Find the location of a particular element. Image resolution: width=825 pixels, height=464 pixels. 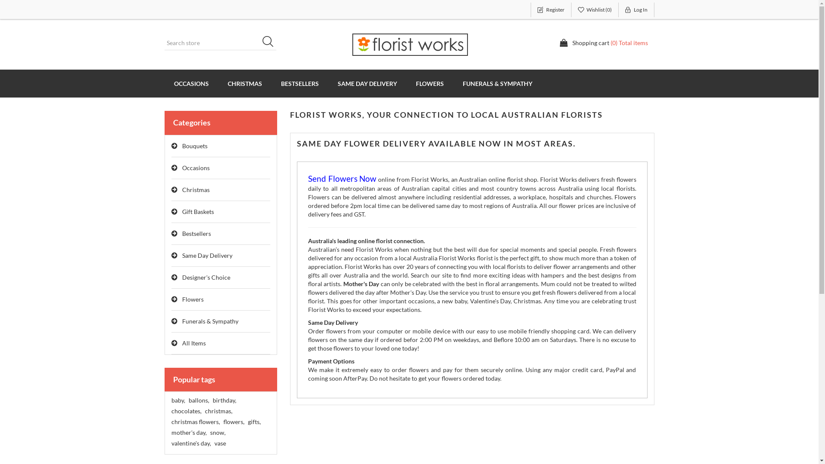

'vase' is located at coordinates (214, 443).